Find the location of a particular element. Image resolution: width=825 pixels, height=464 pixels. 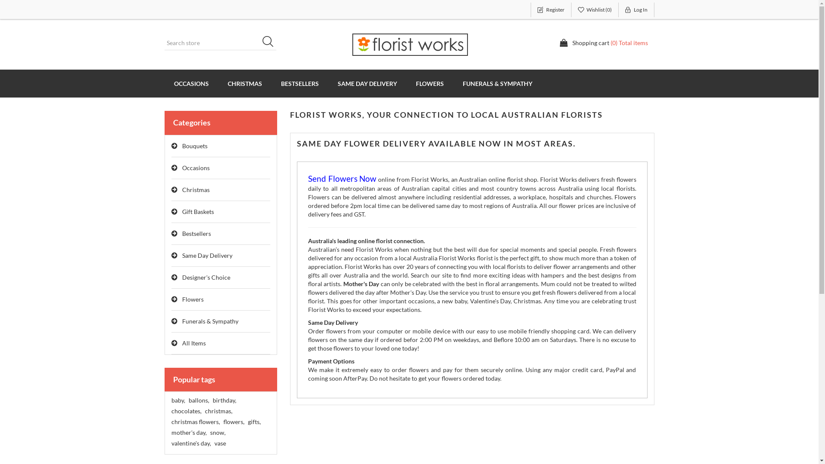

'vase' is located at coordinates (214, 443).